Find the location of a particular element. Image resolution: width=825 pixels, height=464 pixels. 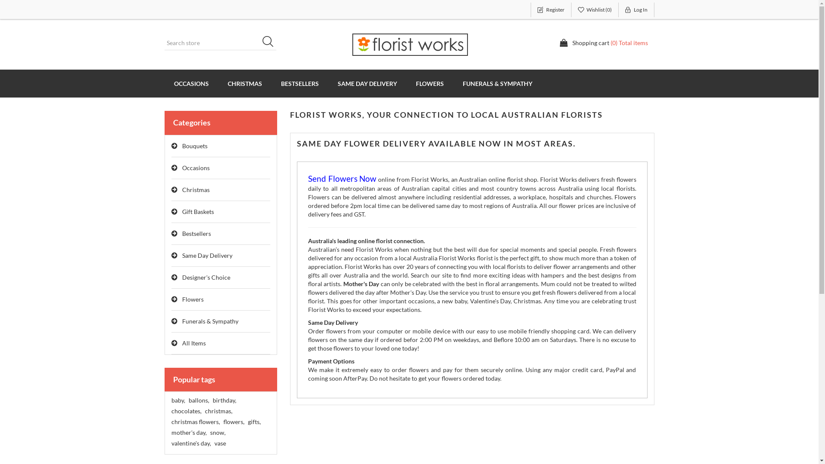

'vase' is located at coordinates (214, 443).